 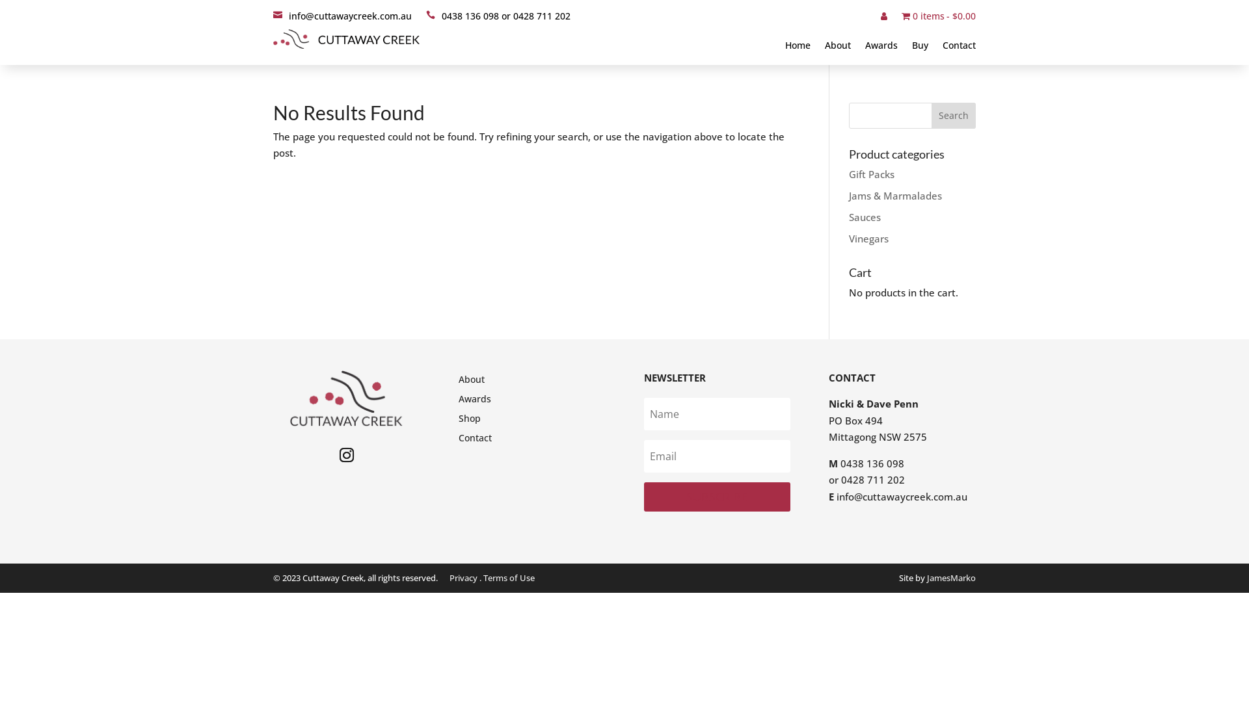 What do you see at coordinates (865, 216) in the screenshot?
I see `'Sauces'` at bounding box center [865, 216].